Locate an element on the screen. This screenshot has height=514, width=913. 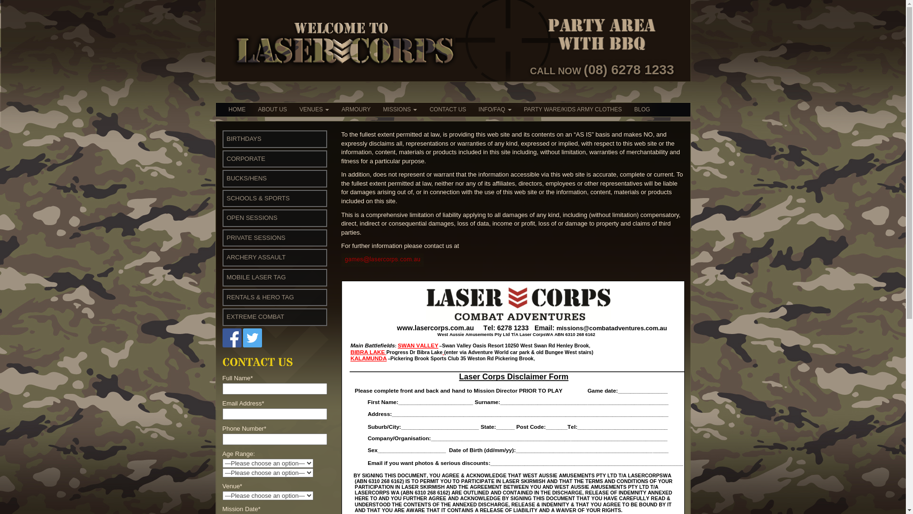
'HOME' is located at coordinates (237, 109).